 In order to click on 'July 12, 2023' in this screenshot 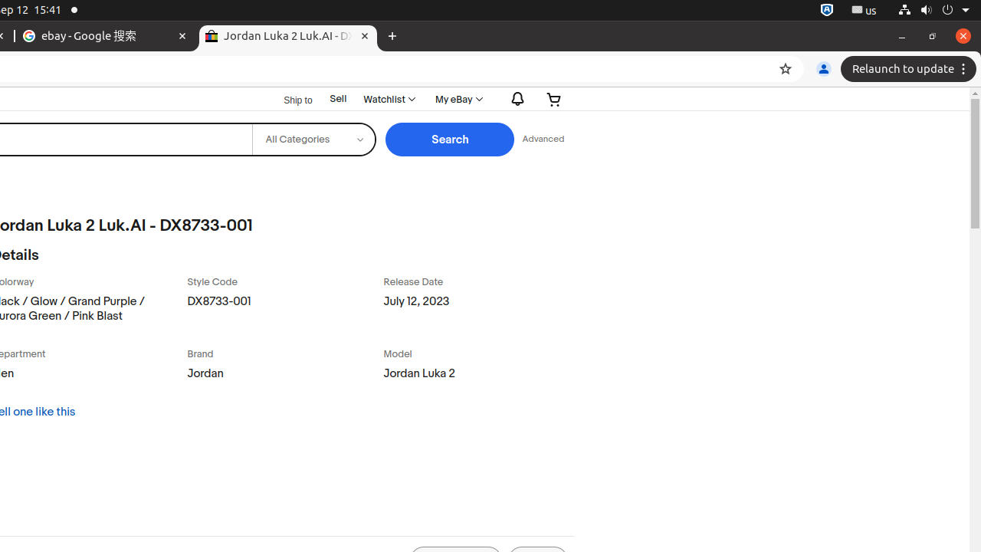, I will do `click(477, 310)`.